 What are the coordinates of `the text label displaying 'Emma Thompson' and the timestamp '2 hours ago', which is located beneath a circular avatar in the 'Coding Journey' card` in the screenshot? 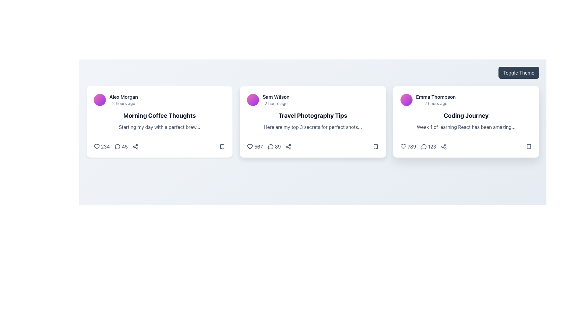 It's located at (436, 100).